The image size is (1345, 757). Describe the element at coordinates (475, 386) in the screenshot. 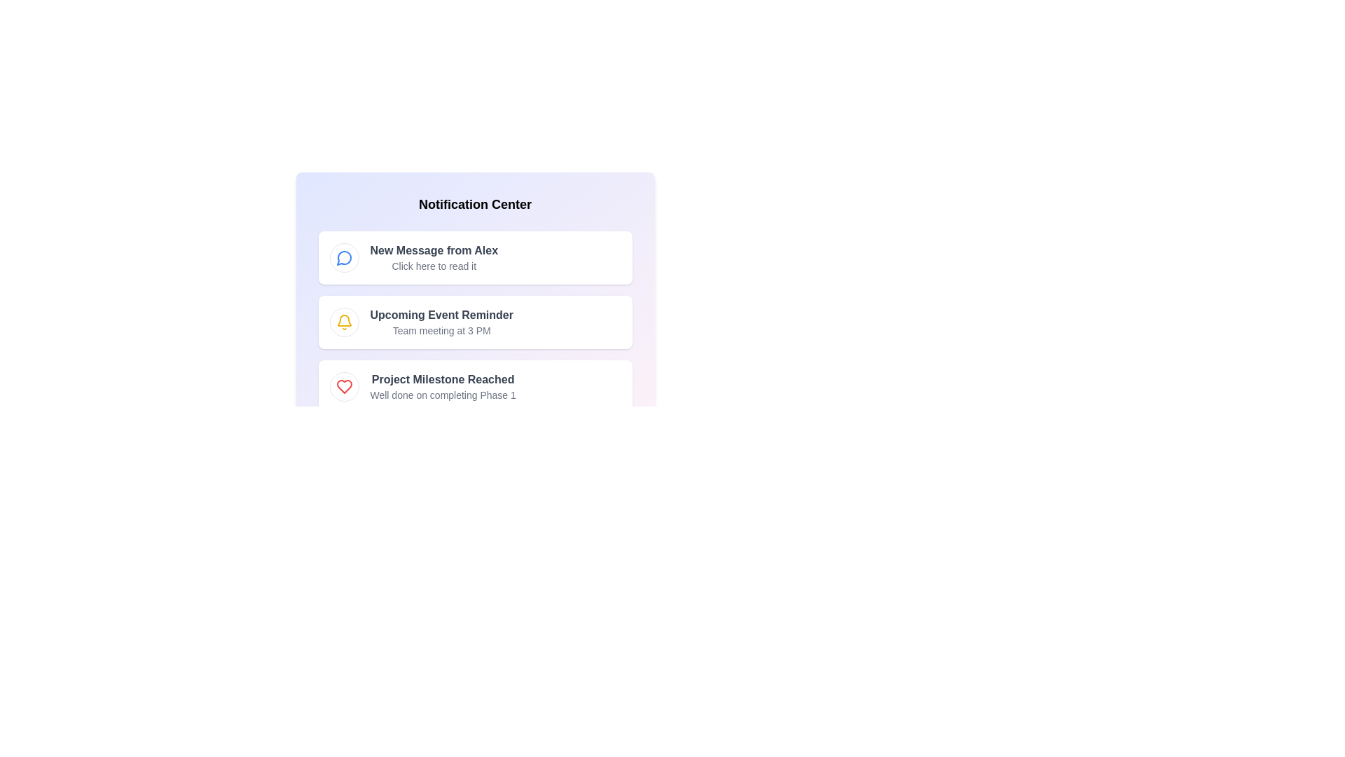

I see `the notification titled 'Project Milestone Reached'` at that location.